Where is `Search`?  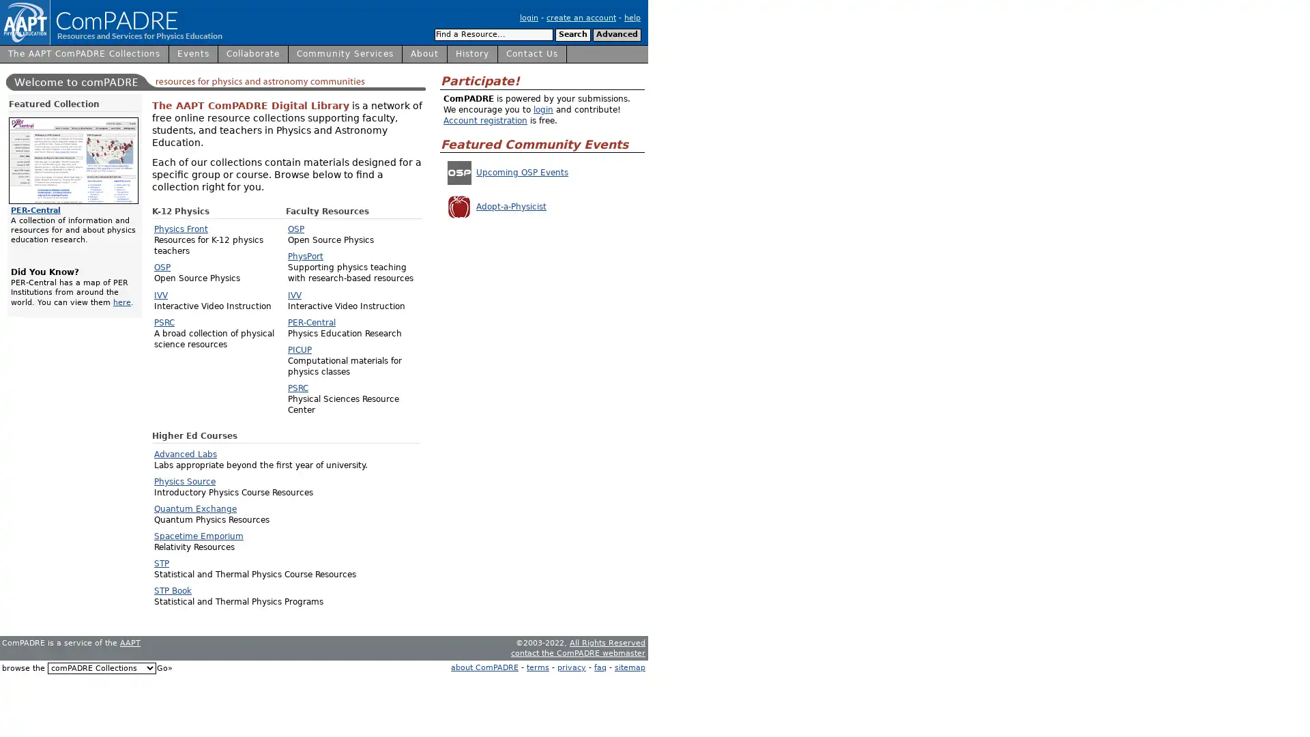 Search is located at coordinates (573, 34).